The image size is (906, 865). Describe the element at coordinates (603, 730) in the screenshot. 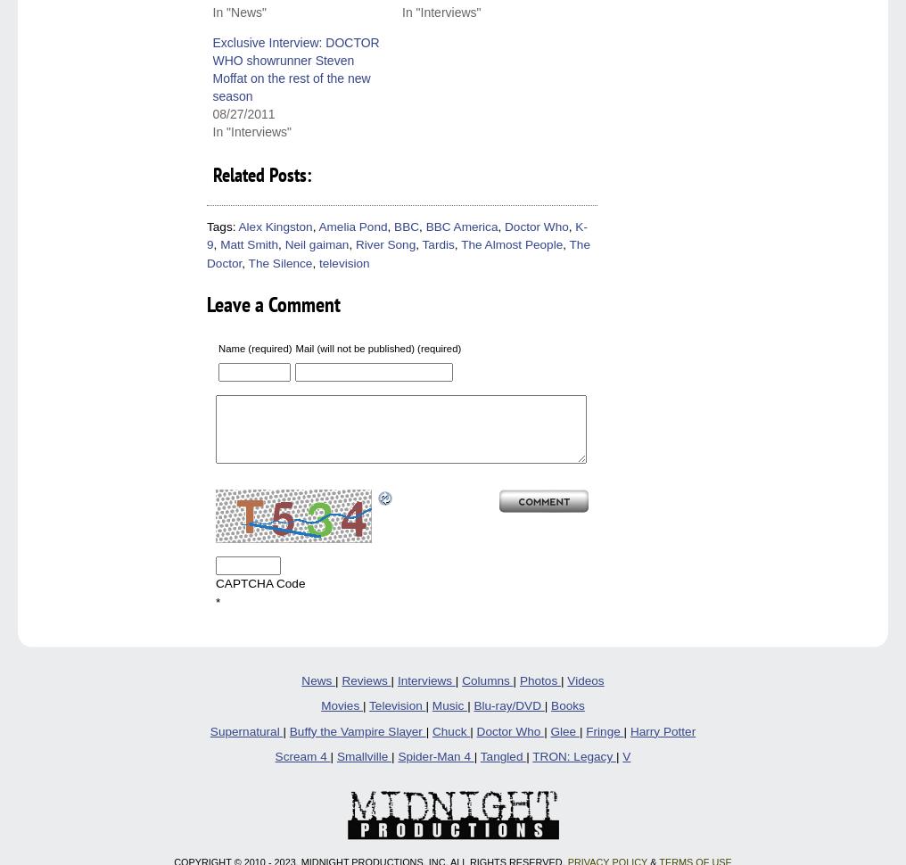

I see `'Fringe'` at that location.